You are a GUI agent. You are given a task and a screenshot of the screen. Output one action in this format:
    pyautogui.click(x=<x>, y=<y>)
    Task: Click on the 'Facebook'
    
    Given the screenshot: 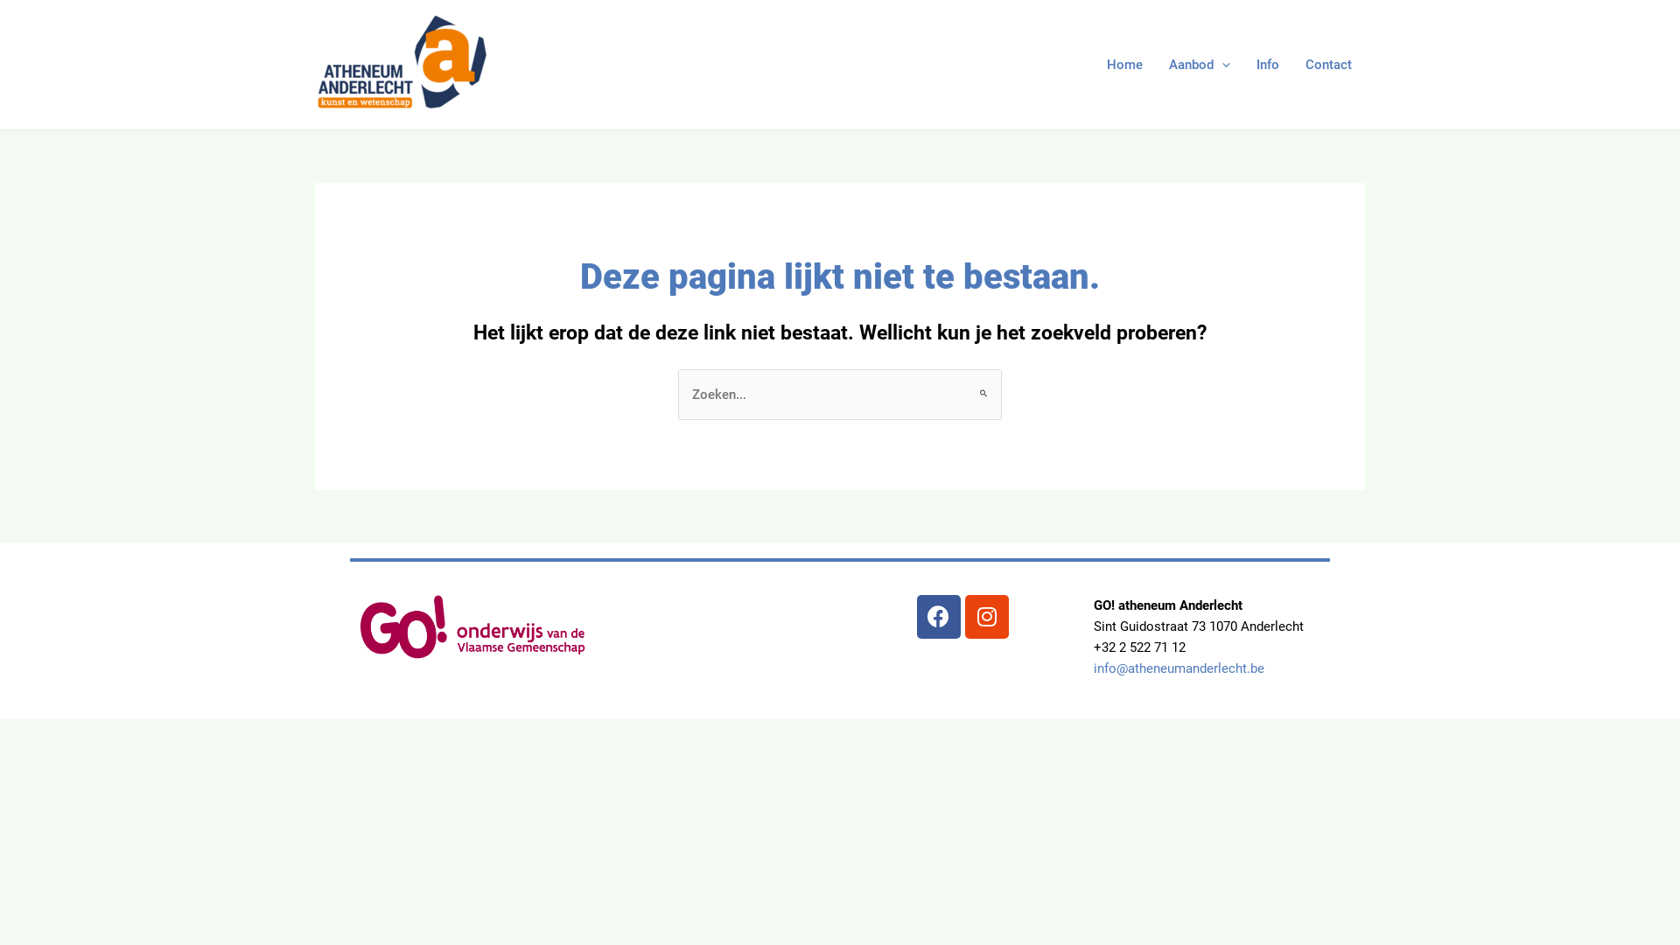 What is the action you would take?
    pyautogui.click(x=938, y=616)
    